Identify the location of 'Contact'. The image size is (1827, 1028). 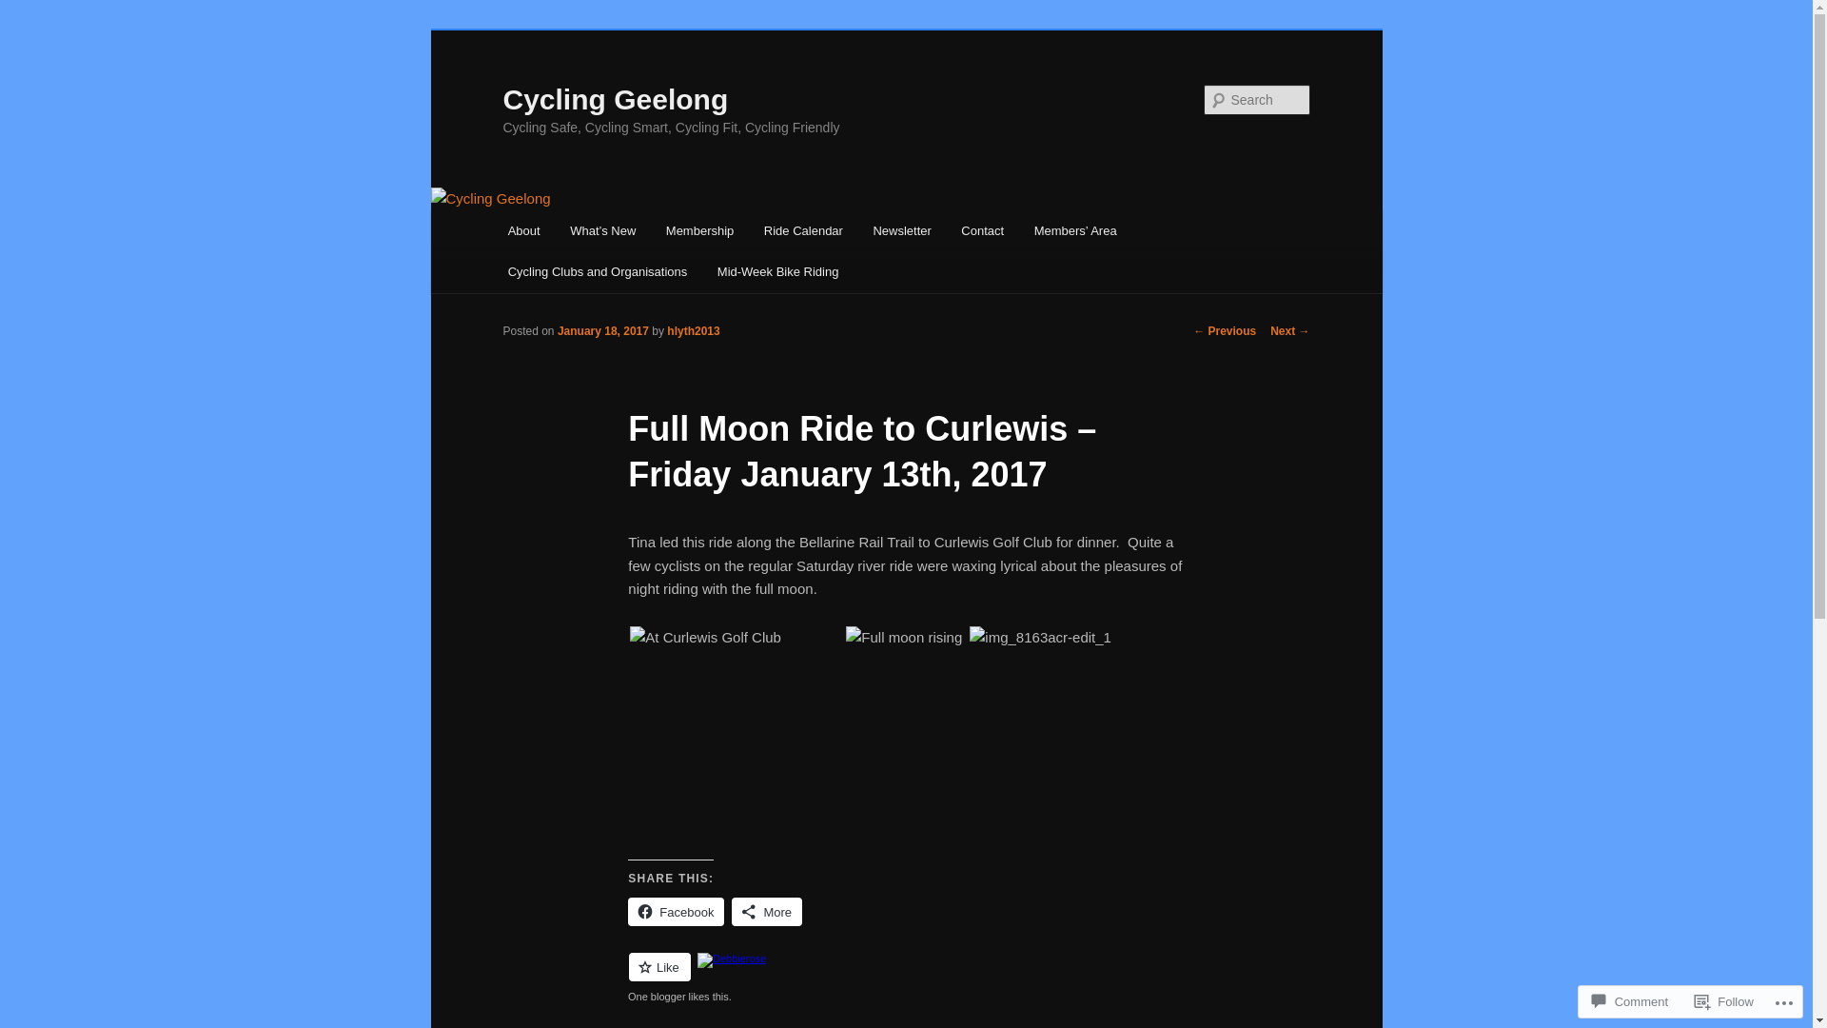
(982, 229).